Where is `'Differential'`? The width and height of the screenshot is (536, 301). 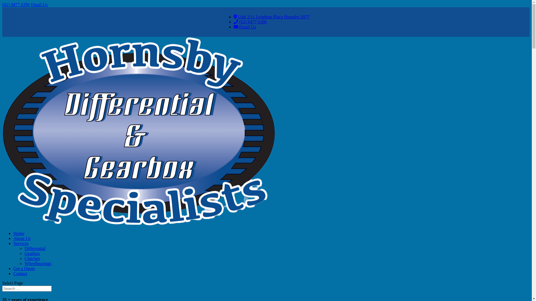 'Differential' is located at coordinates (34, 248).